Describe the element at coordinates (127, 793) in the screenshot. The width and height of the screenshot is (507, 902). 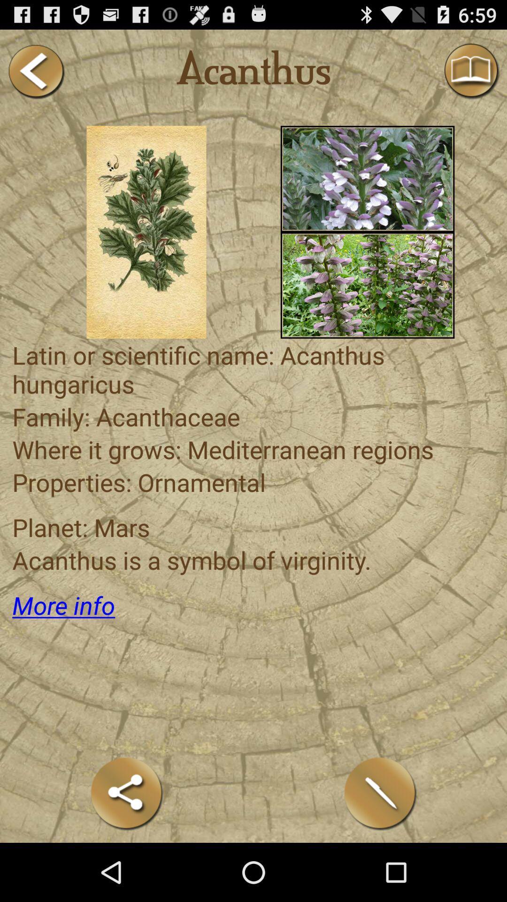
I see `share the article` at that location.